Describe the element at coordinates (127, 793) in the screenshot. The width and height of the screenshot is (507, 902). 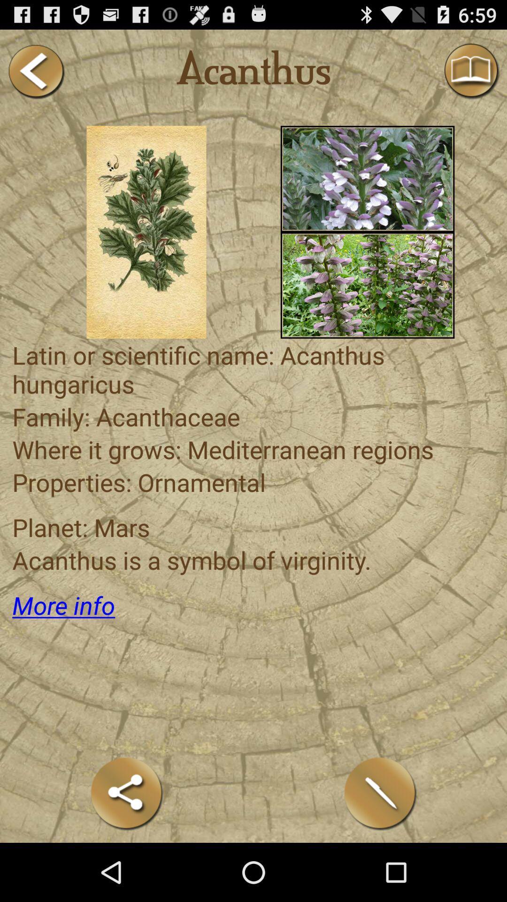
I see `share the article` at that location.